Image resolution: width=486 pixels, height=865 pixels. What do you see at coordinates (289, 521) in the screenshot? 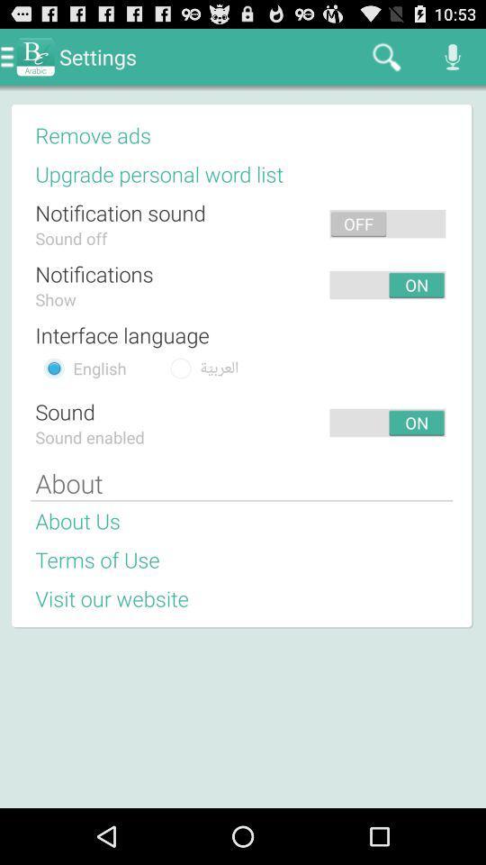
I see `the icon to the right of the about us icon` at bounding box center [289, 521].